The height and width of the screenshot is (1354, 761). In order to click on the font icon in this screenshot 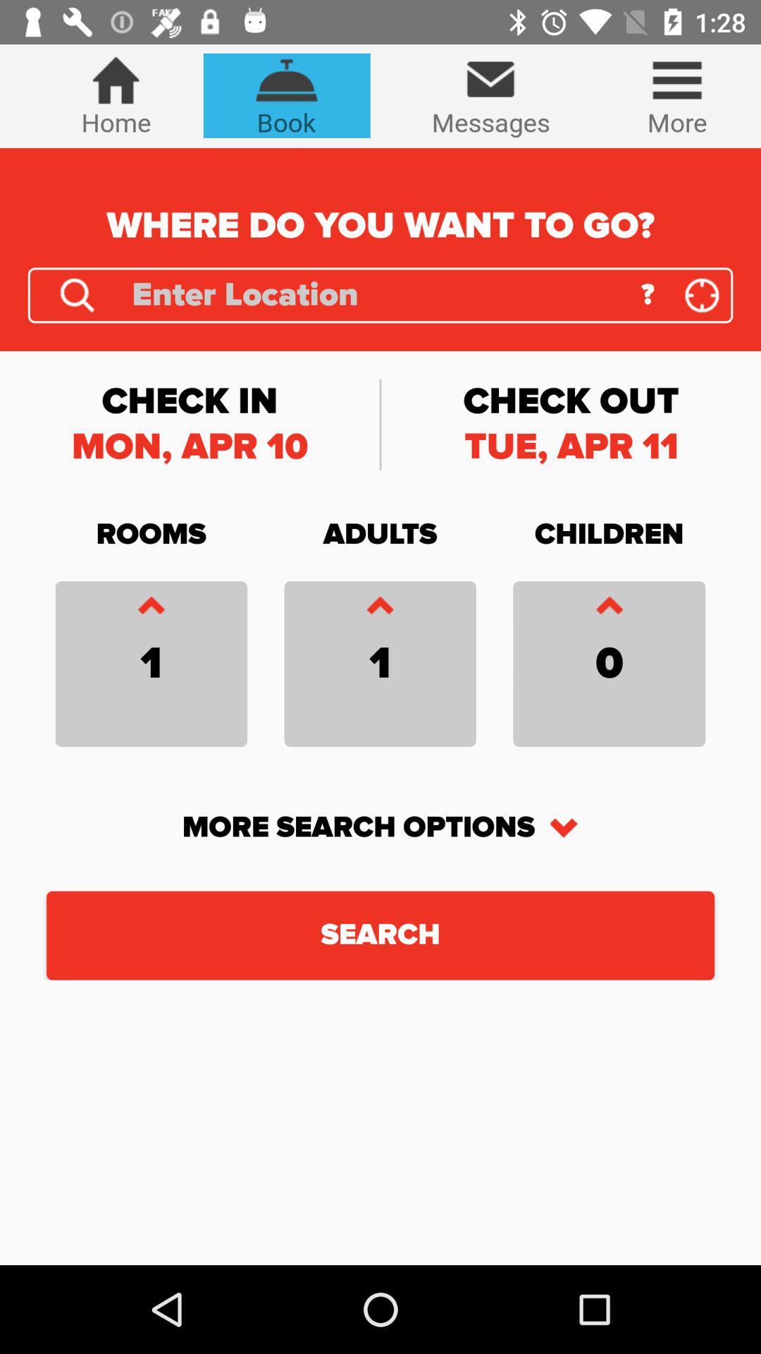, I will do `click(379, 609)`.